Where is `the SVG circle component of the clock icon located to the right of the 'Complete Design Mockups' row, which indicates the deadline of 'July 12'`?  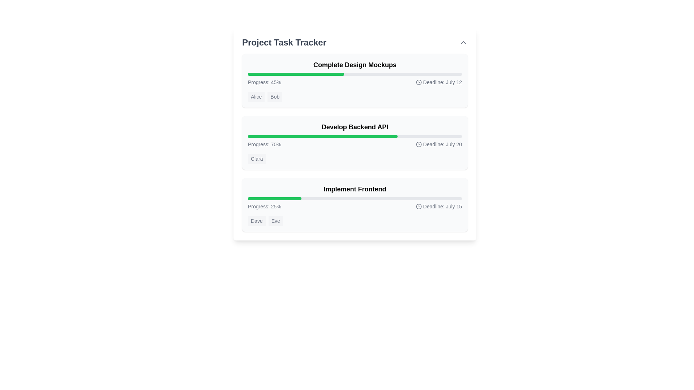 the SVG circle component of the clock icon located to the right of the 'Complete Design Mockups' row, which indicates the deadline of 'July 12' is located at coordinates (419, 82).